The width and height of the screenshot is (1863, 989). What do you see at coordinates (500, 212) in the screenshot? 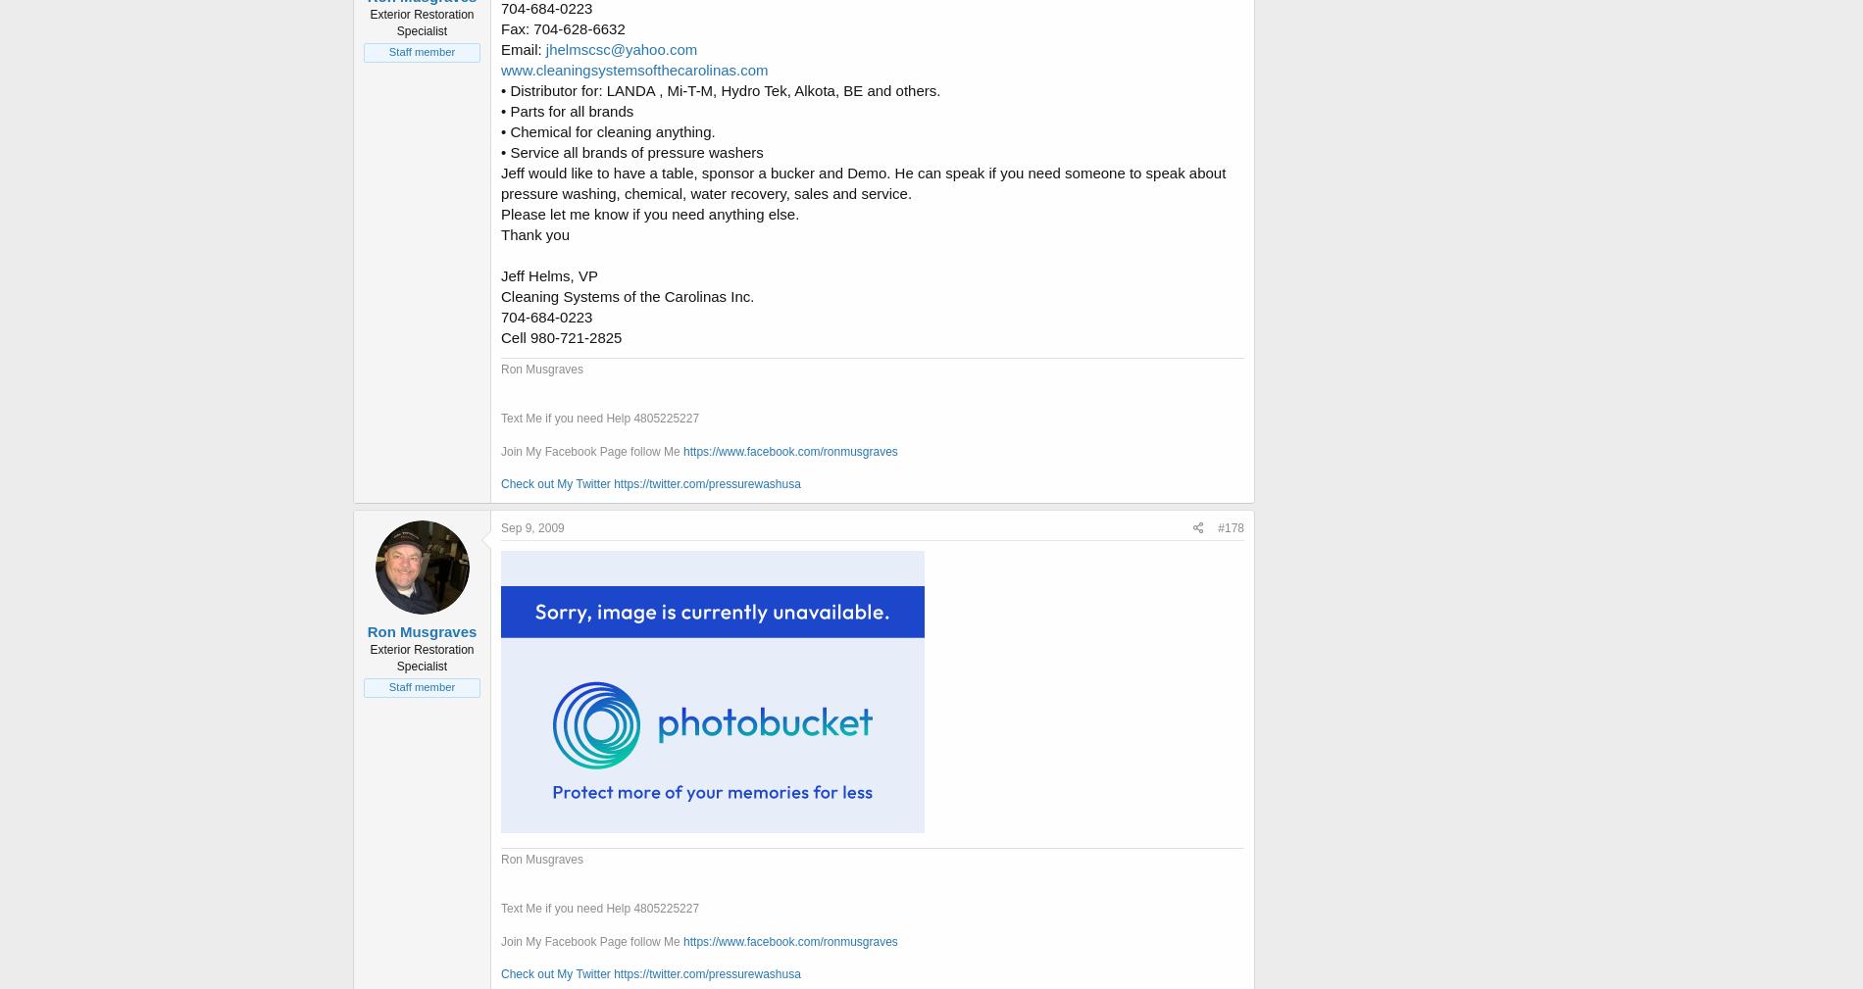
I see `'Please let me know if you need anything else.'` at bounding box center [500, 212].